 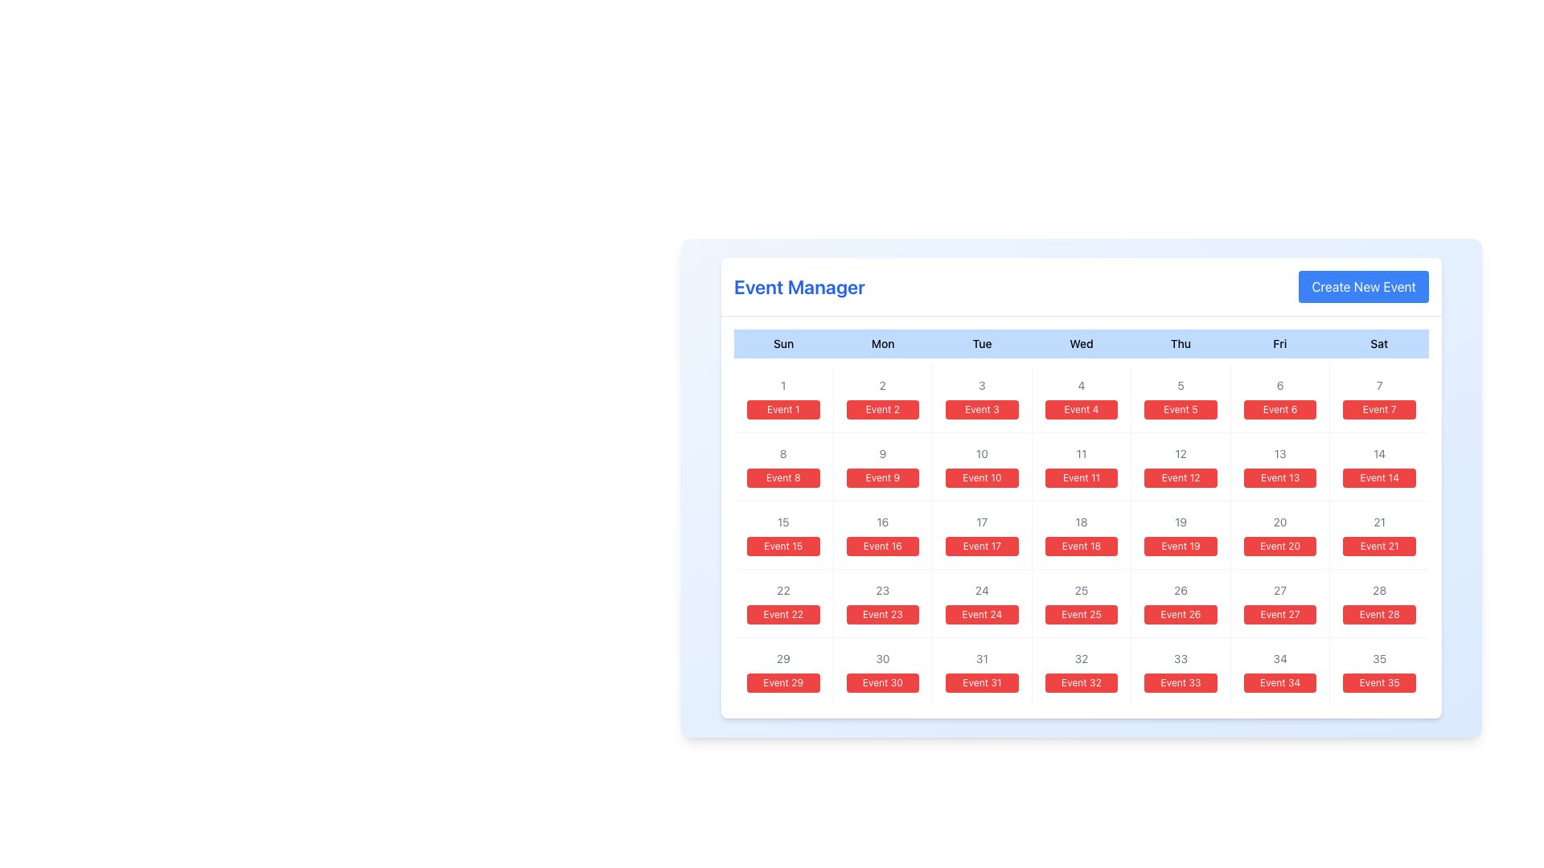 I want to click on the gray-colored number '3' displayed in a small-sized font within the white card of the calendar layout, which represents the date and is positioned above the 'Event 3' button, so click(x=981, y=385).